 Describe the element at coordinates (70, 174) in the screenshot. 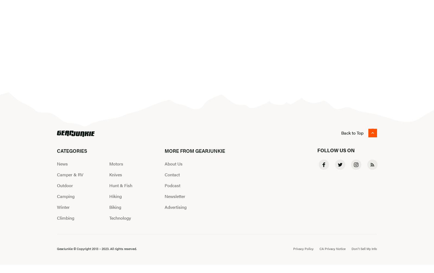

I see `'Camper & RV'` at that location.